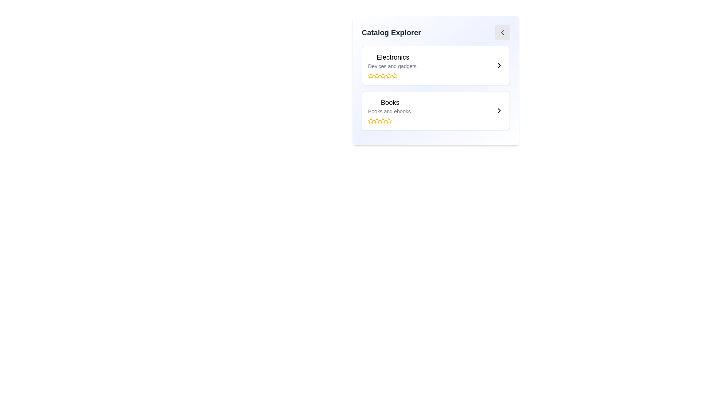 The image size is (711, 400). Describe the element at coordinates (394, 76) in the screenshot. I see `the fourth star-shaped Rating Star Icon, which is golden yellow and located below the text 'Electronics' and 'Devices and gadgets.'` at that location.